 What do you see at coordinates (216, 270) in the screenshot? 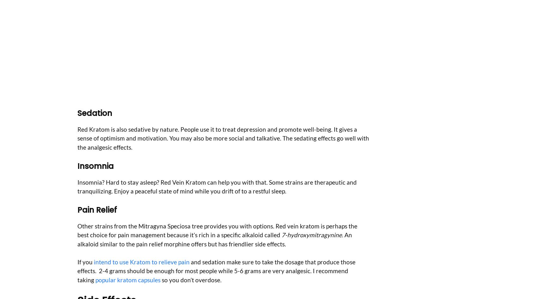
I see `'and sedation make sure to take the dosage that produce those effects.  2-4 grams should be enough for most people while 5-6 grams are very analgesic. I recommend taking'` at bounding box center [216, 270].